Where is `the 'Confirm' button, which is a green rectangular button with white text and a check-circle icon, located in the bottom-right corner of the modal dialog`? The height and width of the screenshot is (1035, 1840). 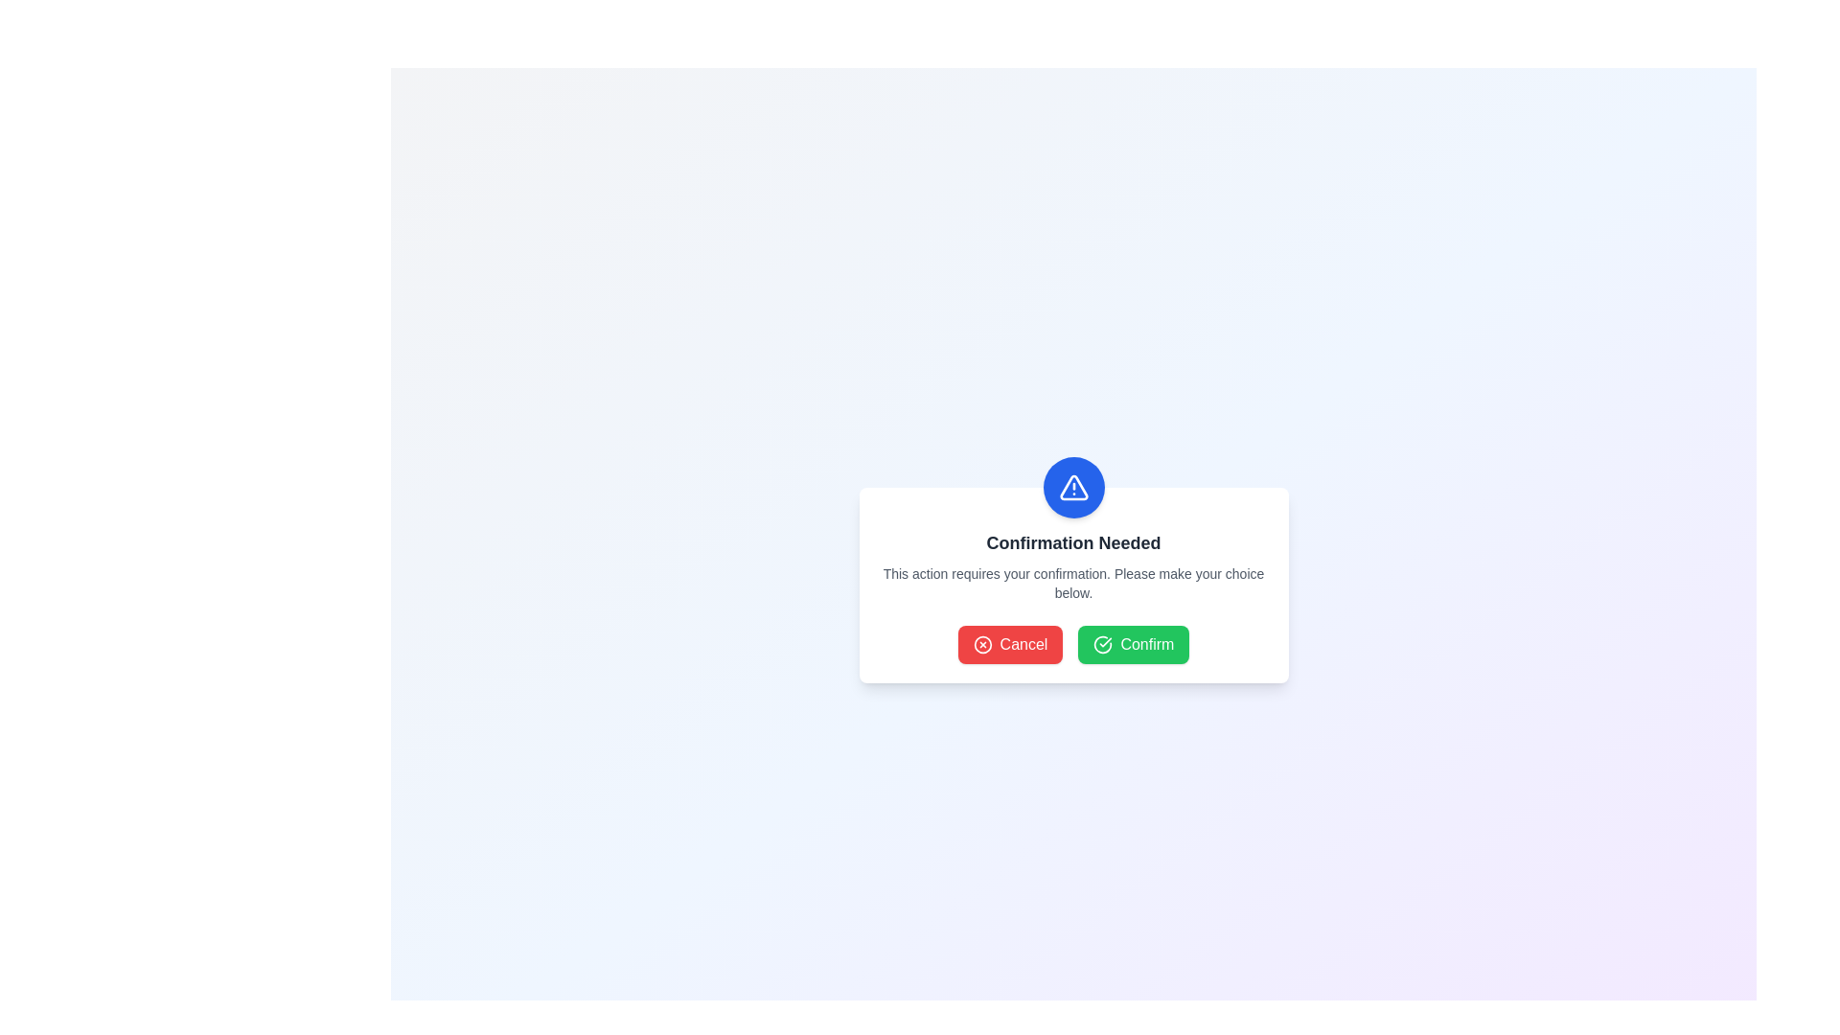 the 'Confirm' button, which is a green rectangular button with white text and a check-circle icon, located in the bottom-right corner of the modal dialog is located at coordinates (1134, 644).